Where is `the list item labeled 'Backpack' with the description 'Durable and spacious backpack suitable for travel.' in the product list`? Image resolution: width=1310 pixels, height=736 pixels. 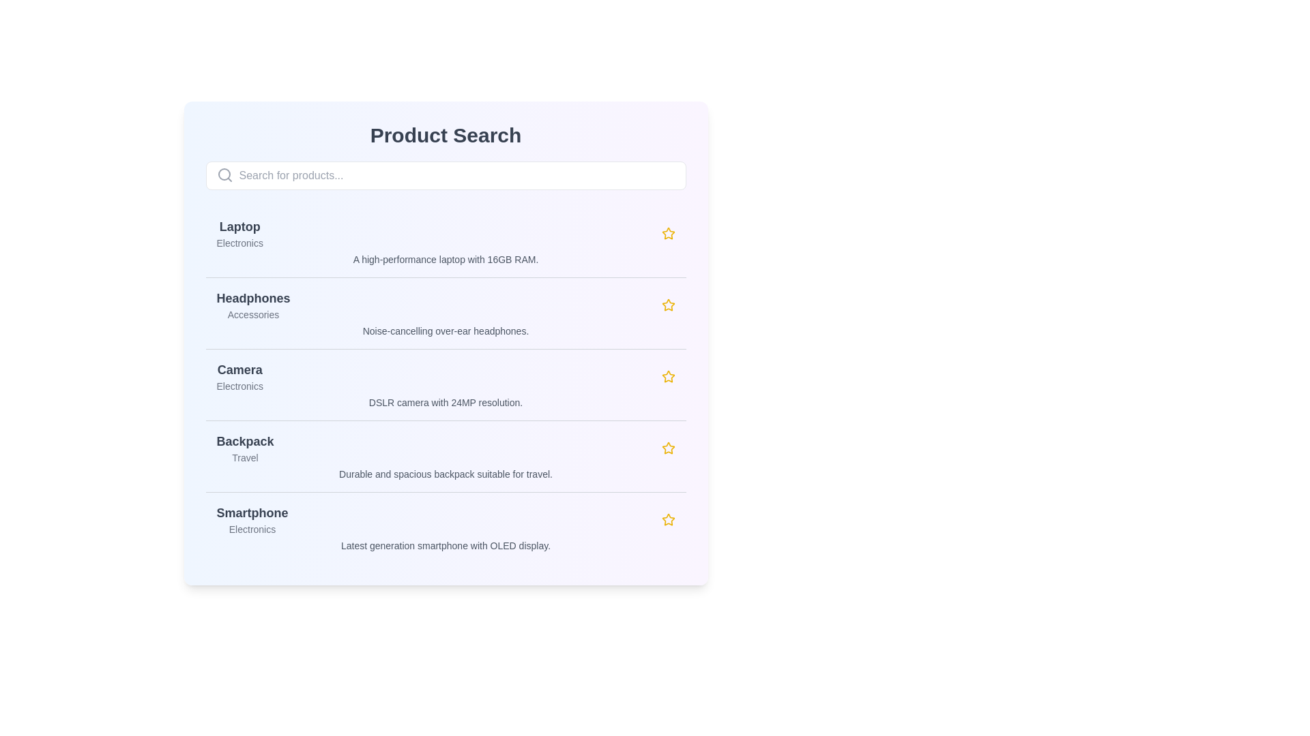
the list item labeled 'Backpack' with the description 'Durable and spacious backpack suitable for travel.' in the product list is located at coordinates (446, 456).